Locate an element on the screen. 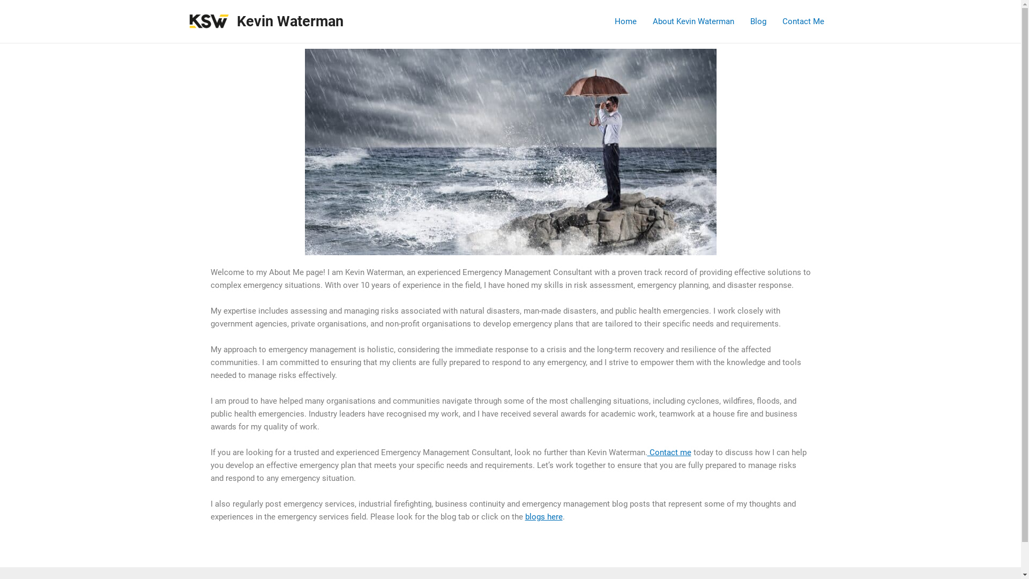 The width and height of the screenshot is (1029, 579). 'Contact Me' is located at coordinates (802, 21).